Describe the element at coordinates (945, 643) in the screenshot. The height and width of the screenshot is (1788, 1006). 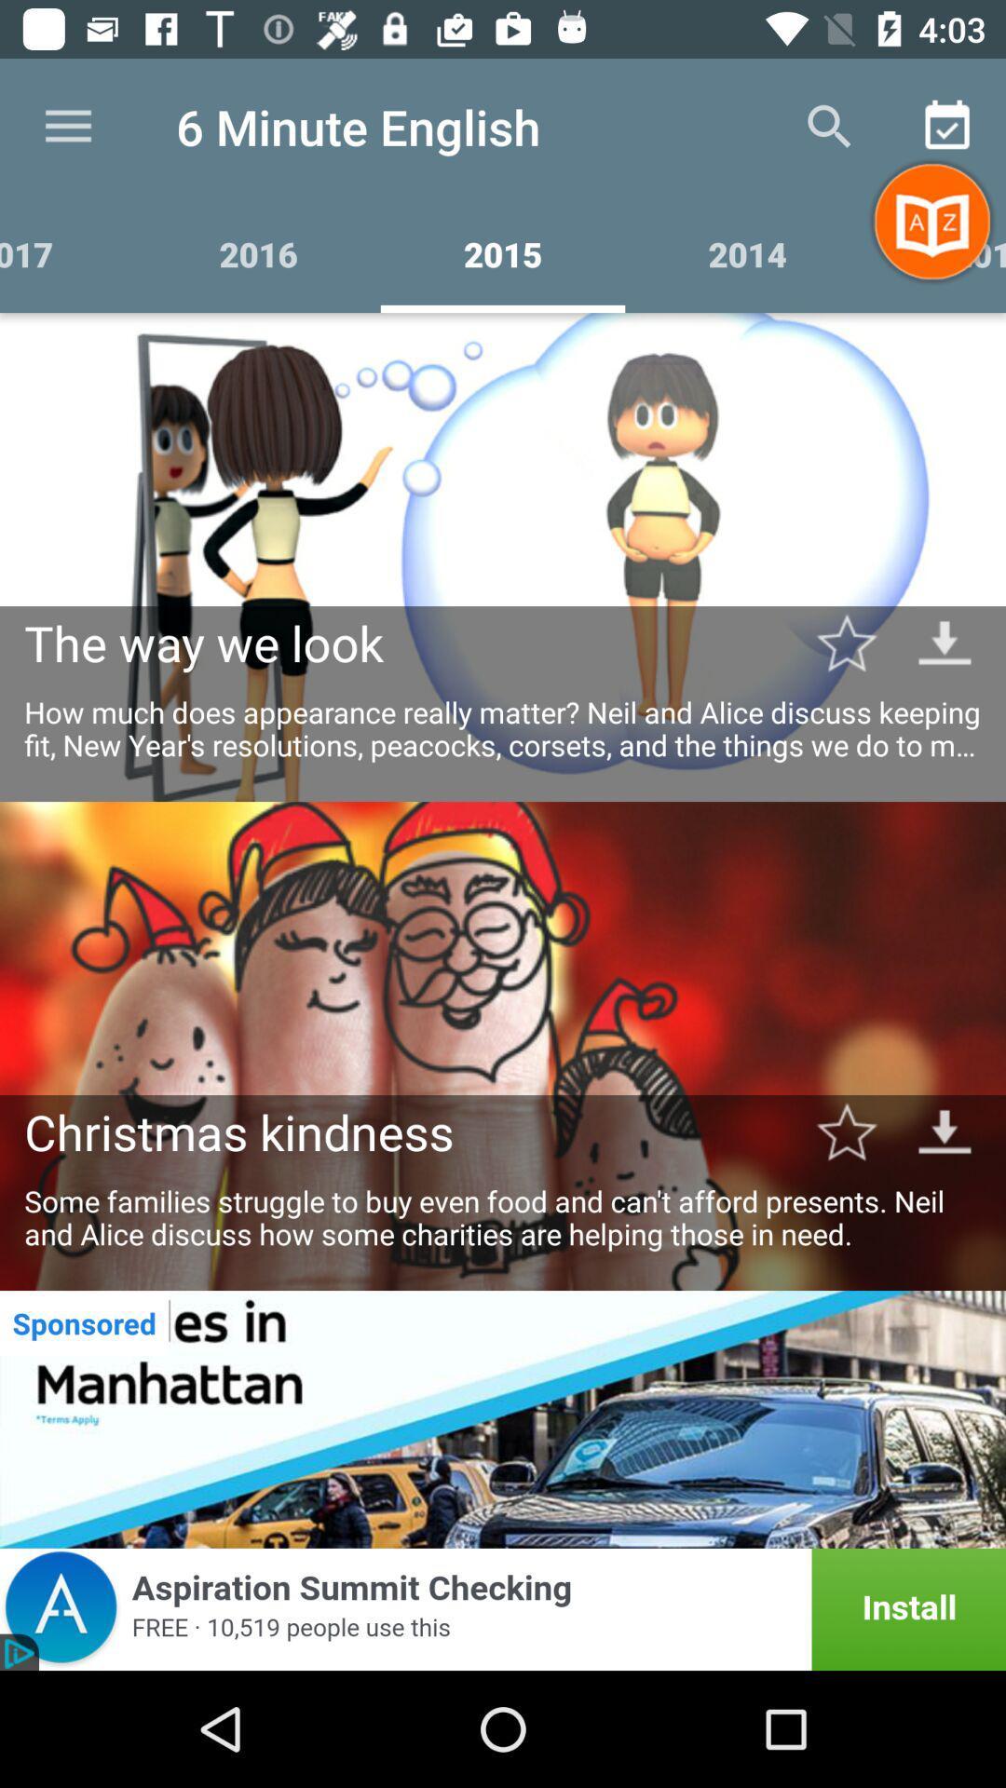
I see `the download symbol which is beside the way we look` at that location.